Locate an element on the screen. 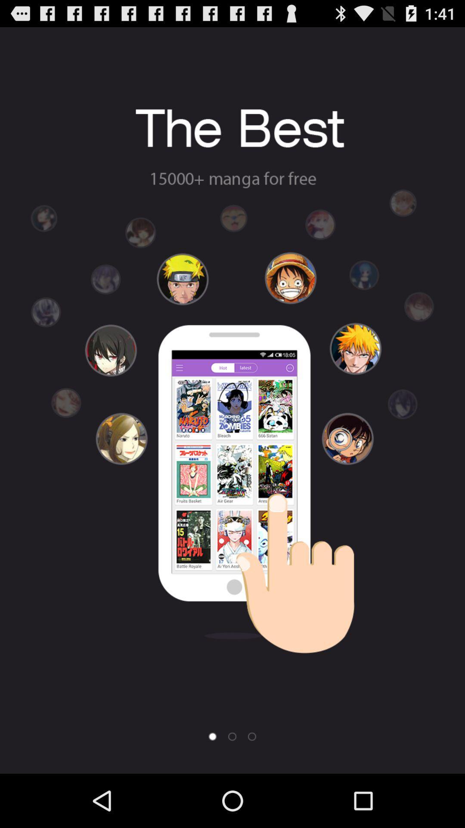 The width and height of the screenshot is (465, 828). move to next screen is located at coordinates (252, 736).